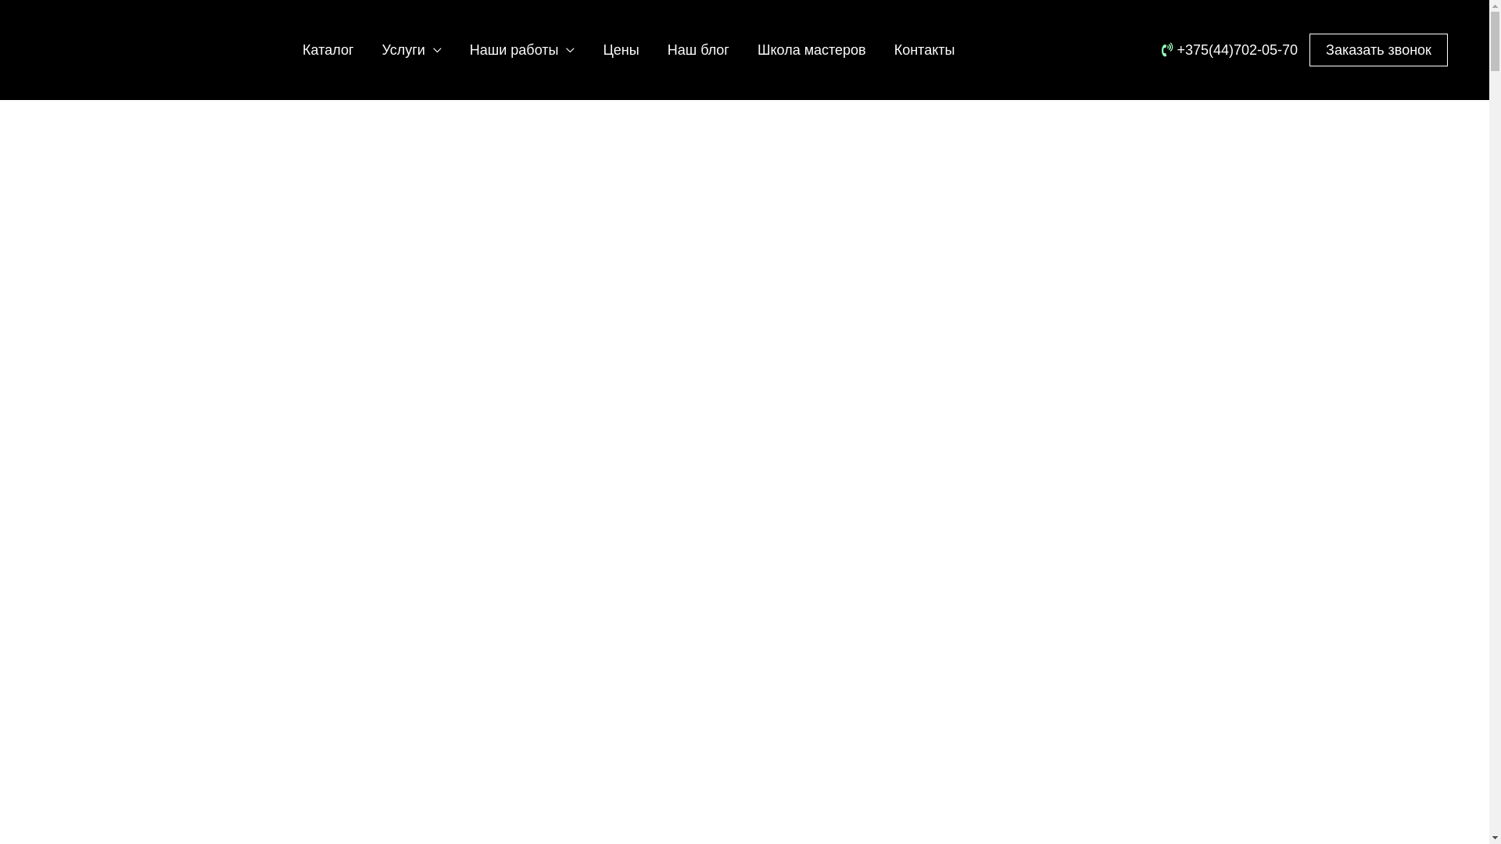 This screenshot has height=844, width=1501. What do you see at coordinates (1162, 49) in the screenshot?
I see `'+375(44)702-05-70'` at bounding box center [1162, 49].